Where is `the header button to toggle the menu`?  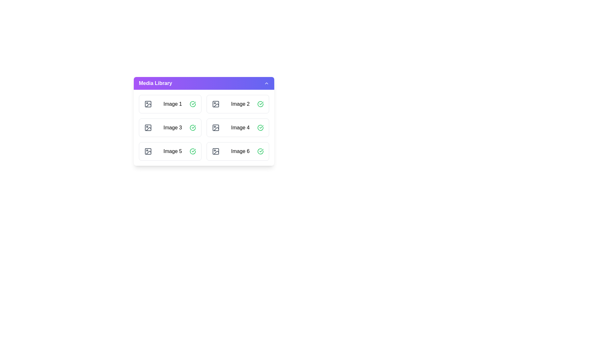
the header button to toggle the menu is located at coordinates (203, 83).